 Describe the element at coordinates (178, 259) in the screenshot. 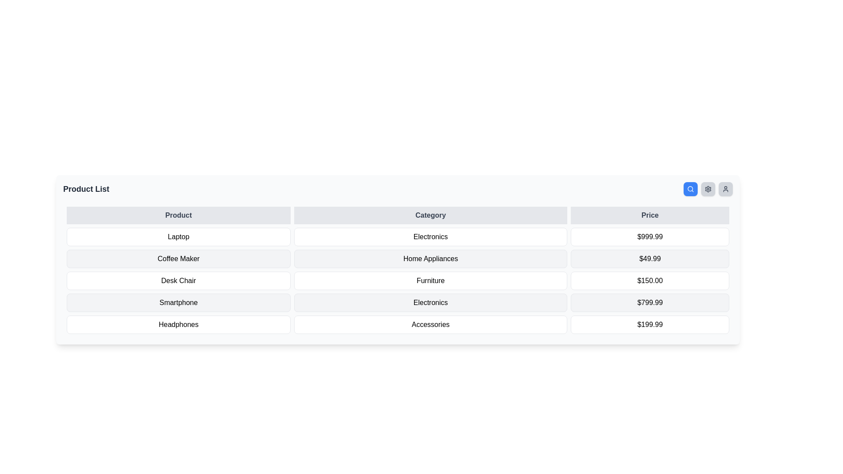

I see `the label for the product 'Coffee Maker', which is the second entry in the 'Product' column of the table` at that location.